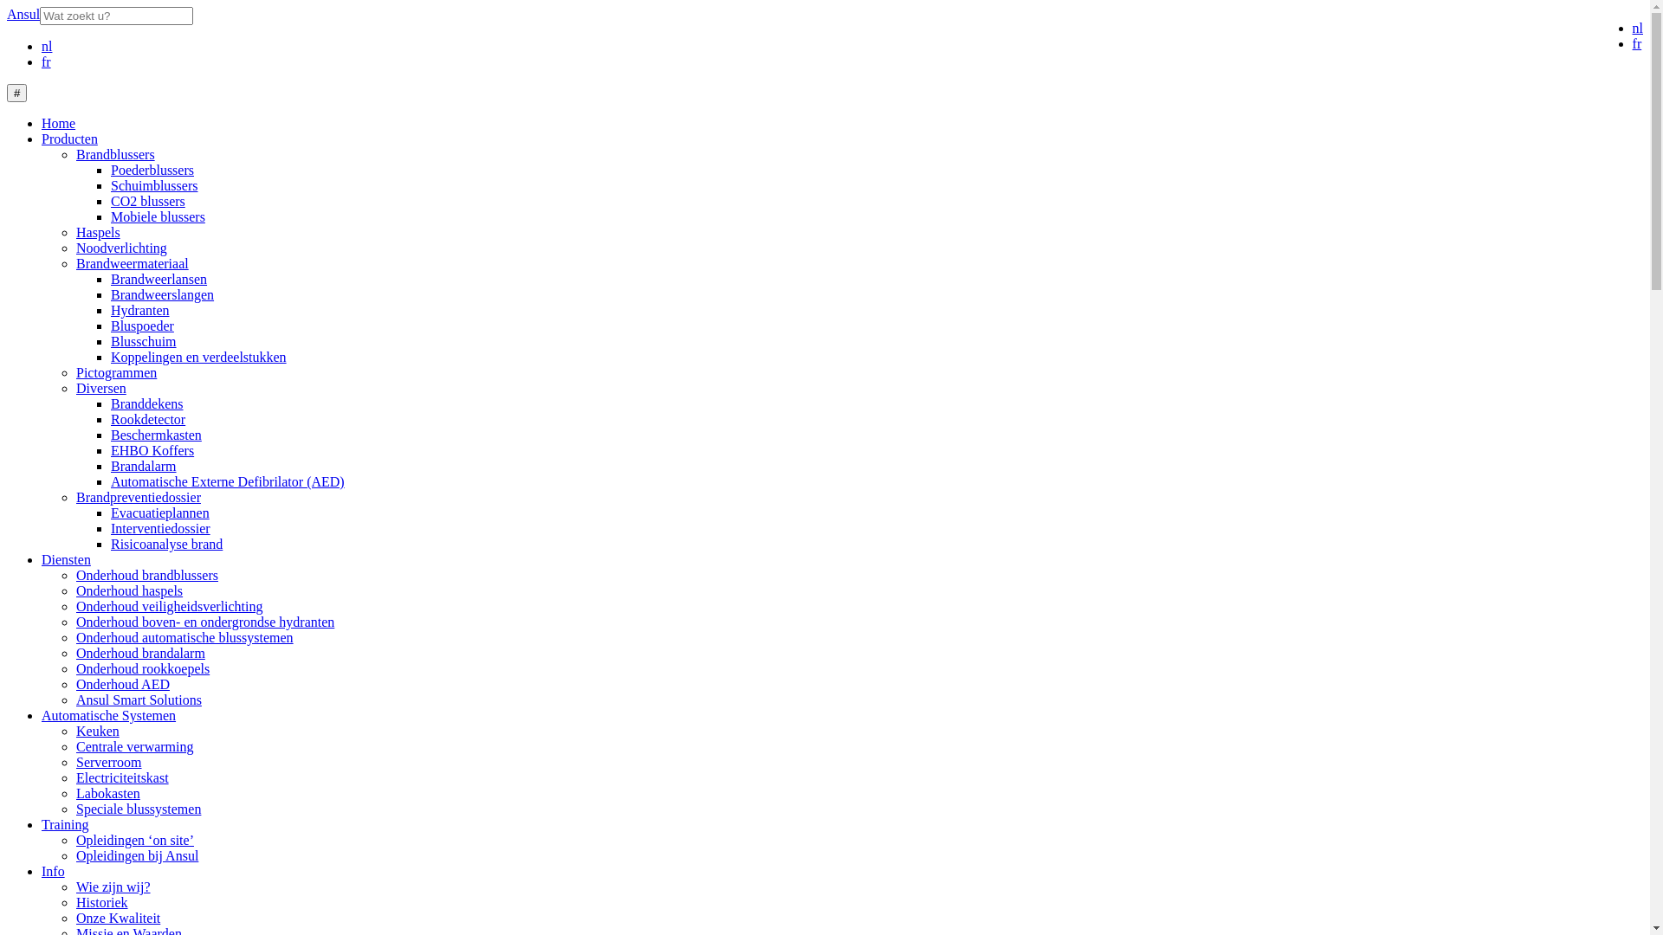 This screenshot has height=935, width=1663. I want to click on 'Hydranten', so click(140, 309).